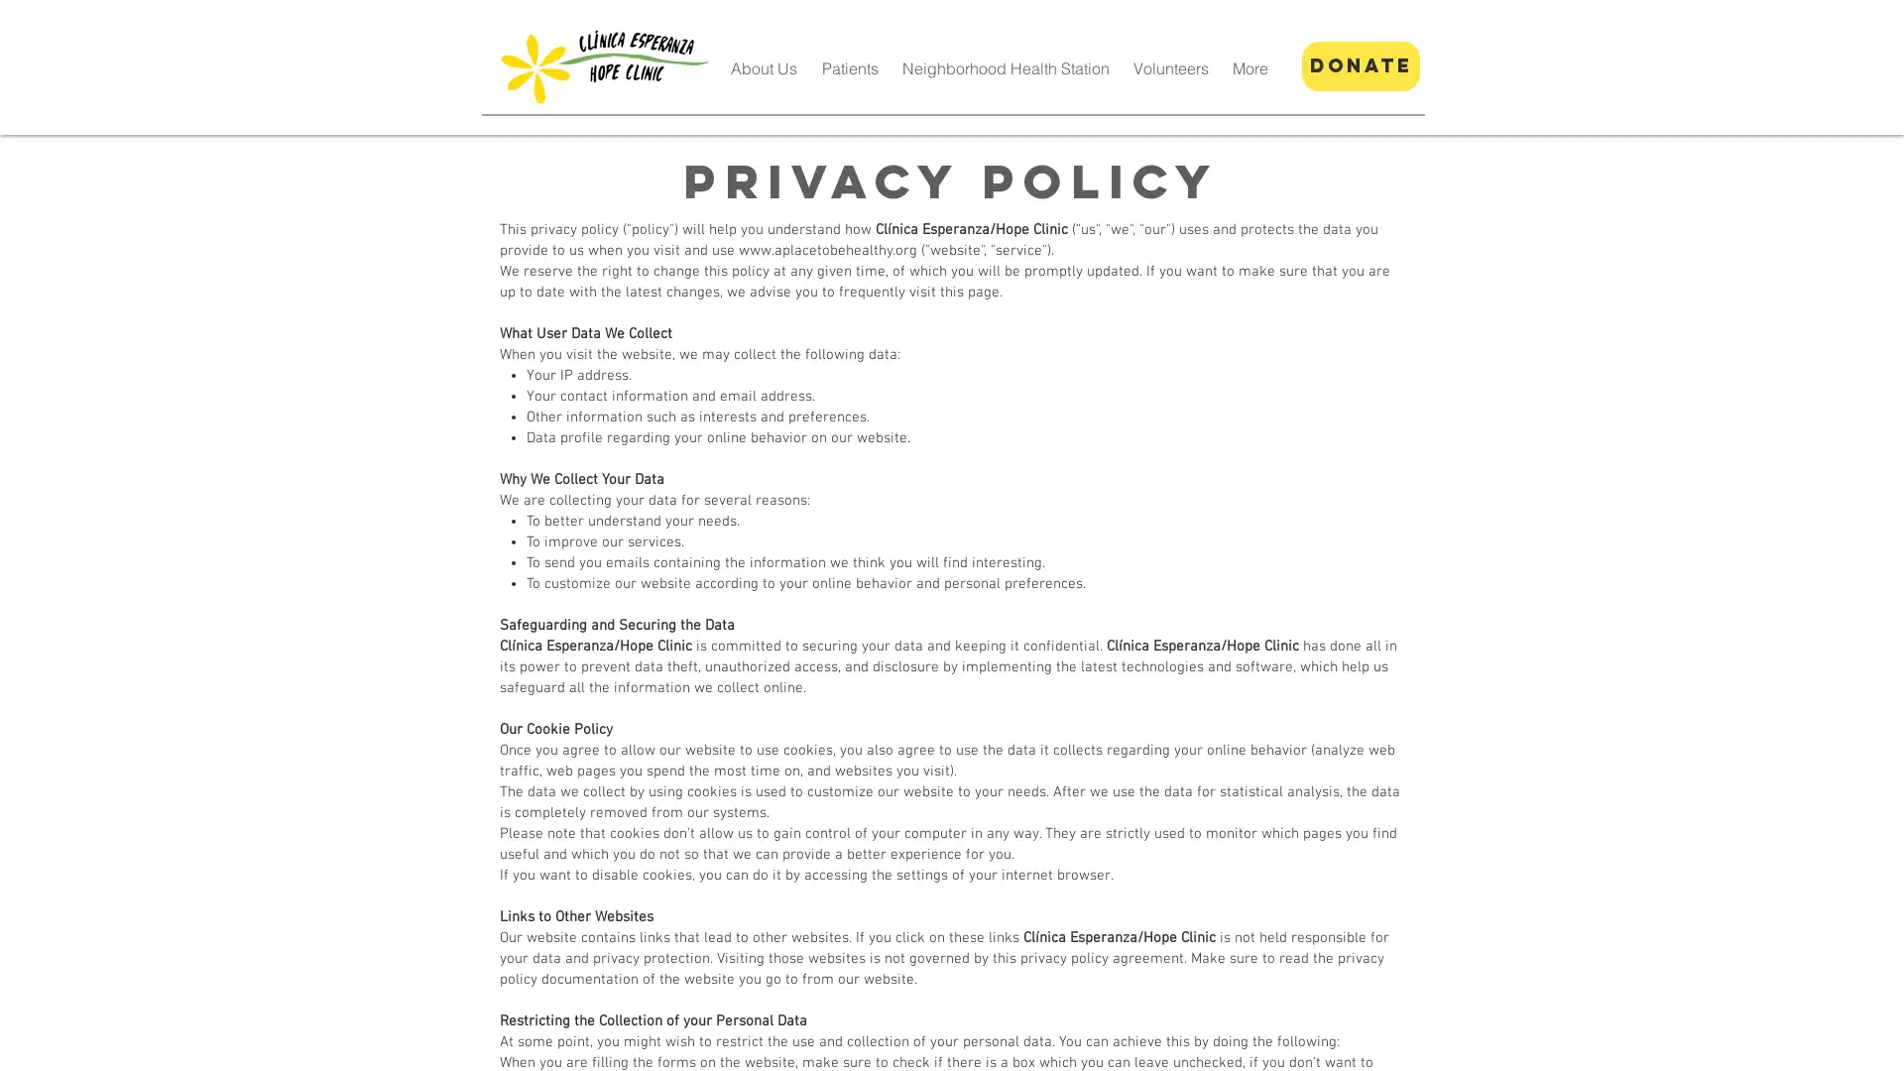 This screenshot has height=1071, width=1904. I want to click on Accept, so click(1815, 1038).